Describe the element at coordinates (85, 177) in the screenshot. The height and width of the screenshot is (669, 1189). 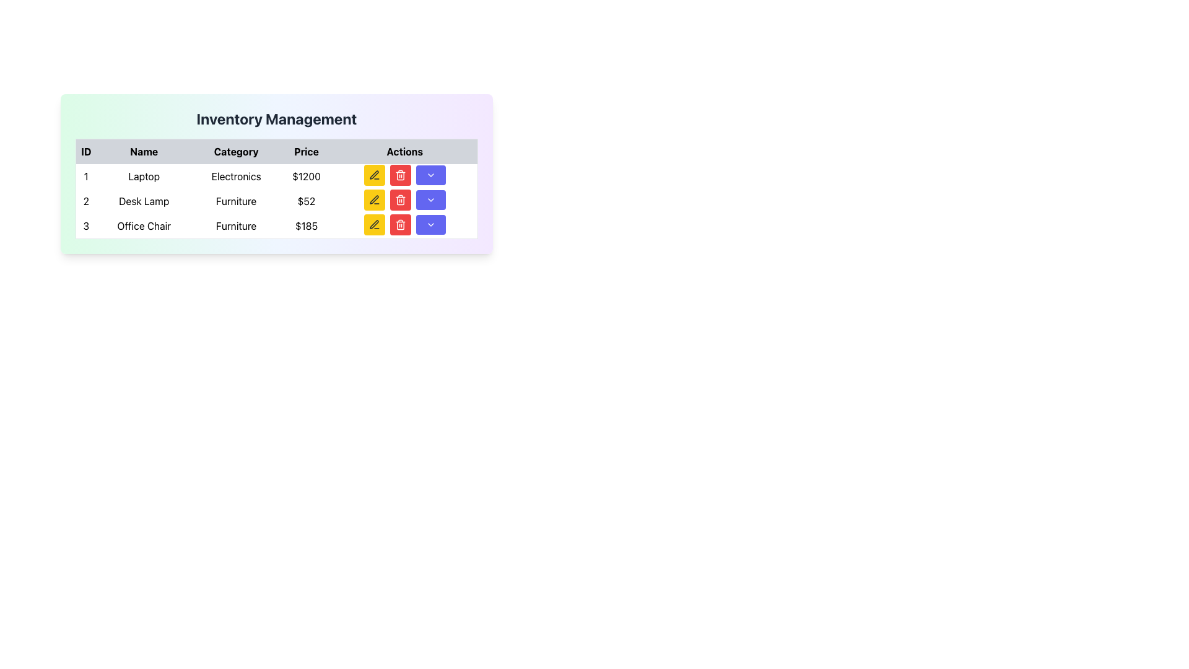
I see `the text label displaying the numeral '1' in the ID column of the first row of the table` at that location.